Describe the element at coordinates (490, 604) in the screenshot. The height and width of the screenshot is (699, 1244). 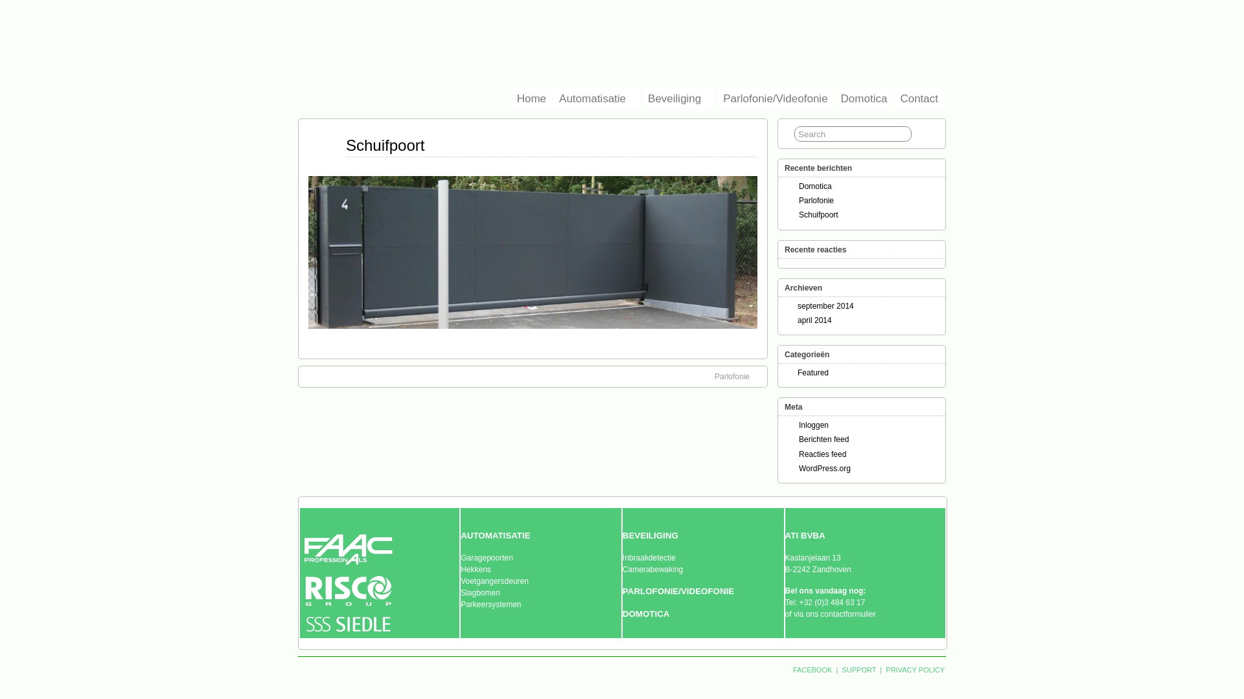
I see `'Parkeersystemen'` at that location.